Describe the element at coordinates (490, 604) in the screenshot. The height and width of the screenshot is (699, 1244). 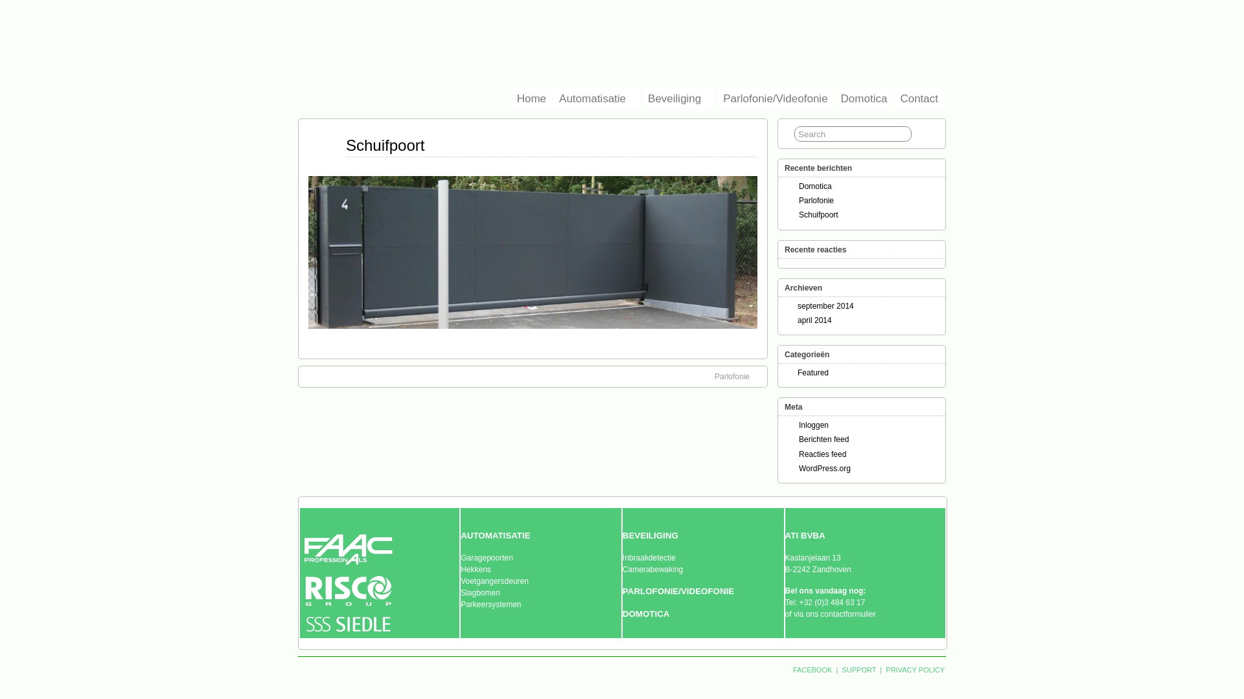
I see `'Parkeersystemen'` at that location.